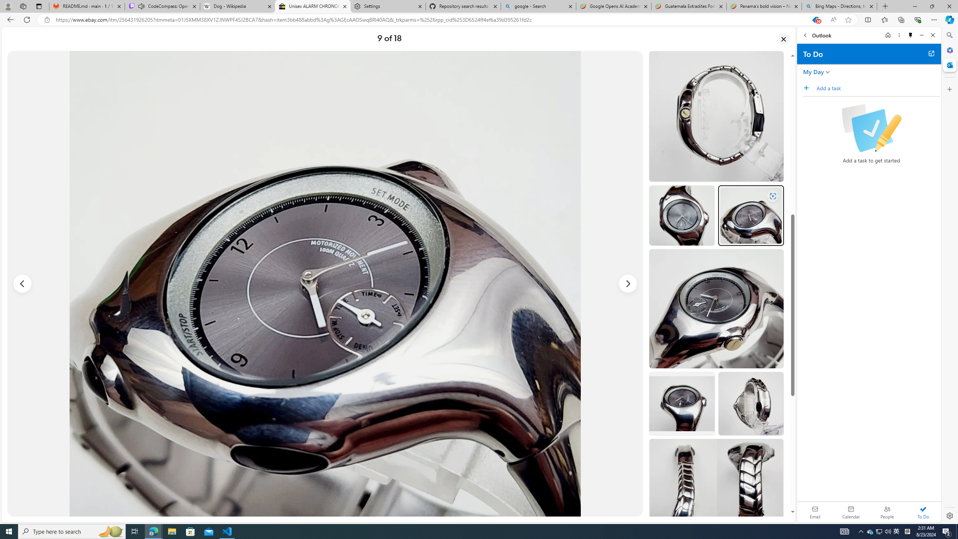 The image size is (958, 539). I want to click on 'Calendar. Date today is 22', so click(851, 512).